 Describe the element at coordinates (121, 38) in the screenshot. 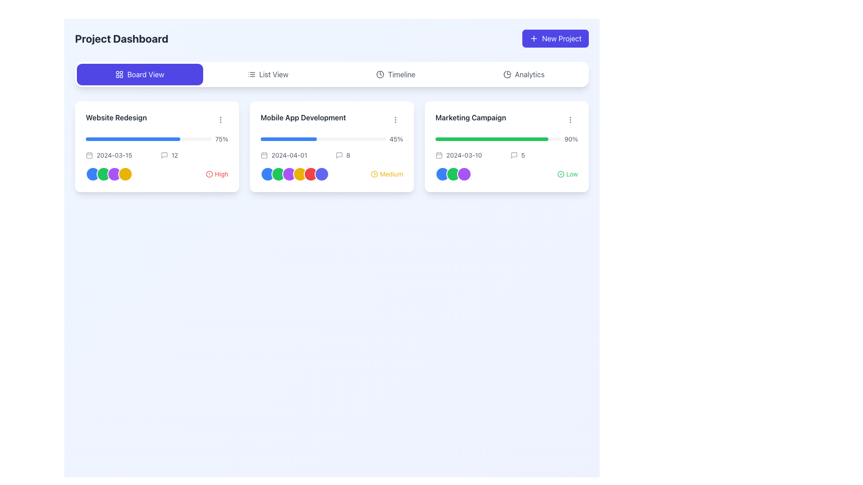

I see `the 'Project Dashboard' text label, which is a bold and large heading in dark gray, positioned in the top-left corner of the interface, next to the 'New Project' button` at that location.